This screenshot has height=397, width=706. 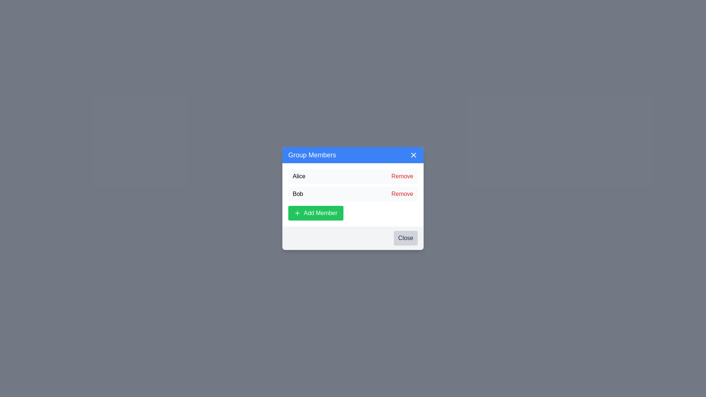 I want to click on the button located in the lower portion of the group members list, so click(x=402, y=194).